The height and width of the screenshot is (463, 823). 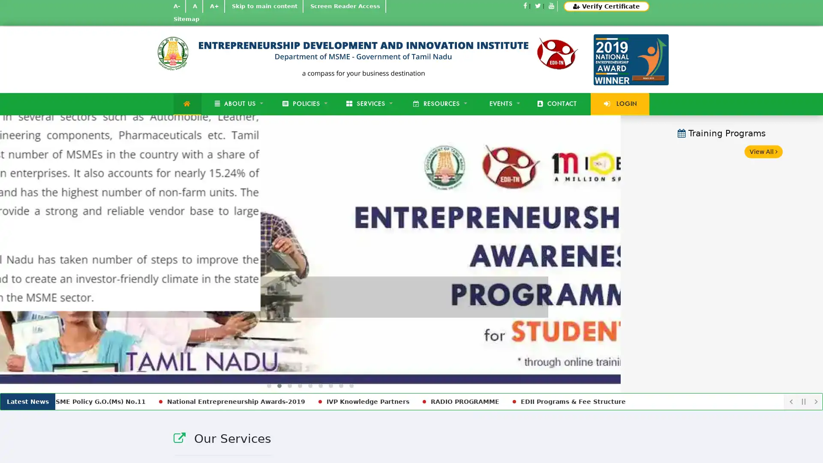 I want to click on Previous, so click(x=17, y=245).